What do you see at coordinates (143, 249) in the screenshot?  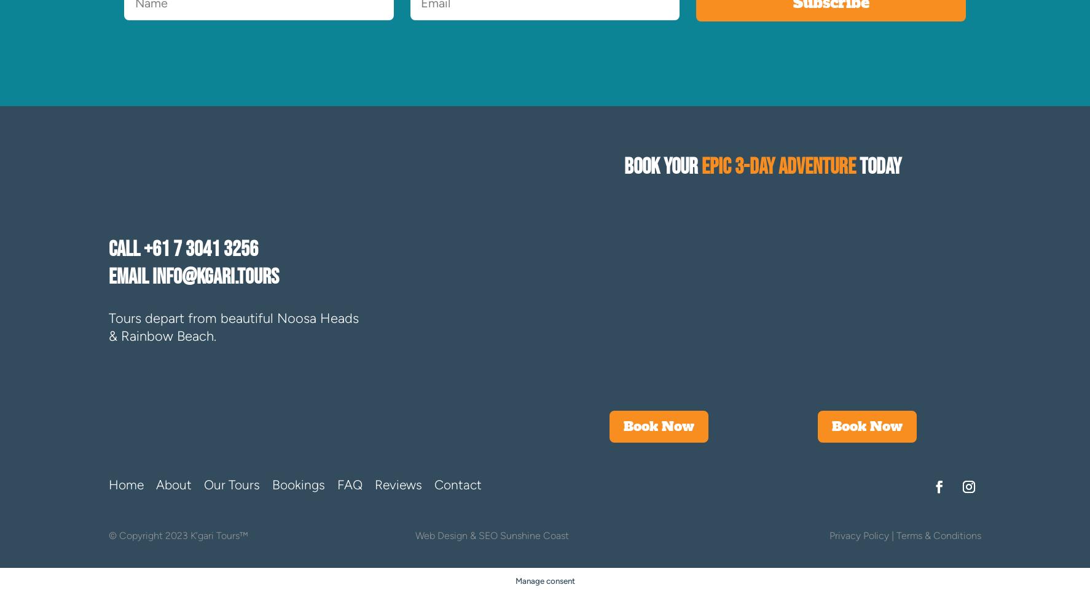 I see `'+61 7 3041 3256'` at bounding box center [143, 249].